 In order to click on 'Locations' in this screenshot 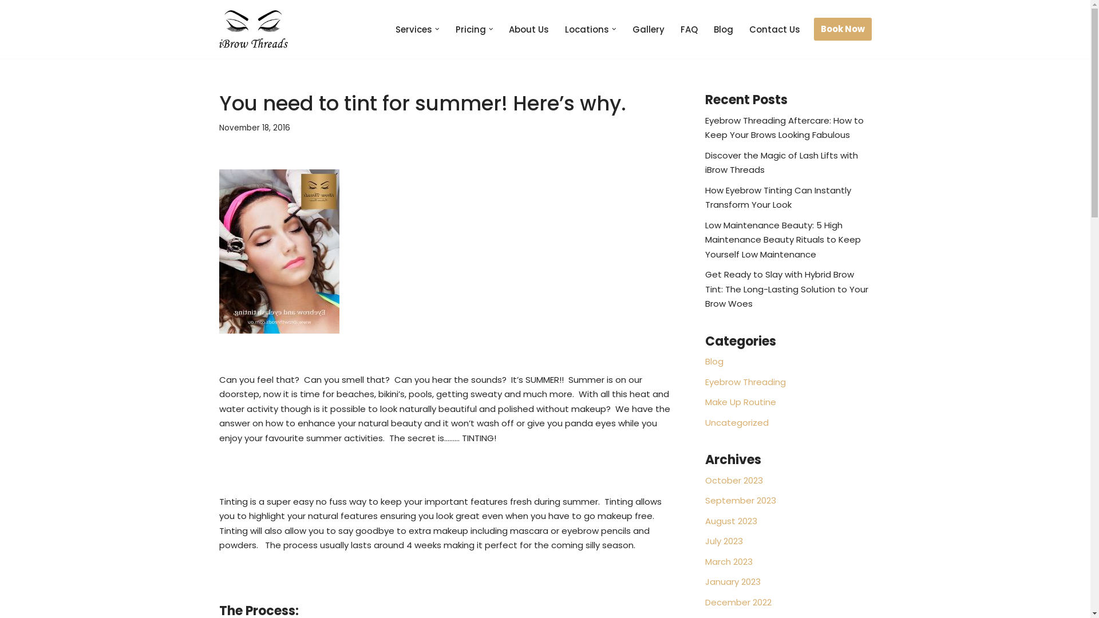, I will do `click(587, 29)`.